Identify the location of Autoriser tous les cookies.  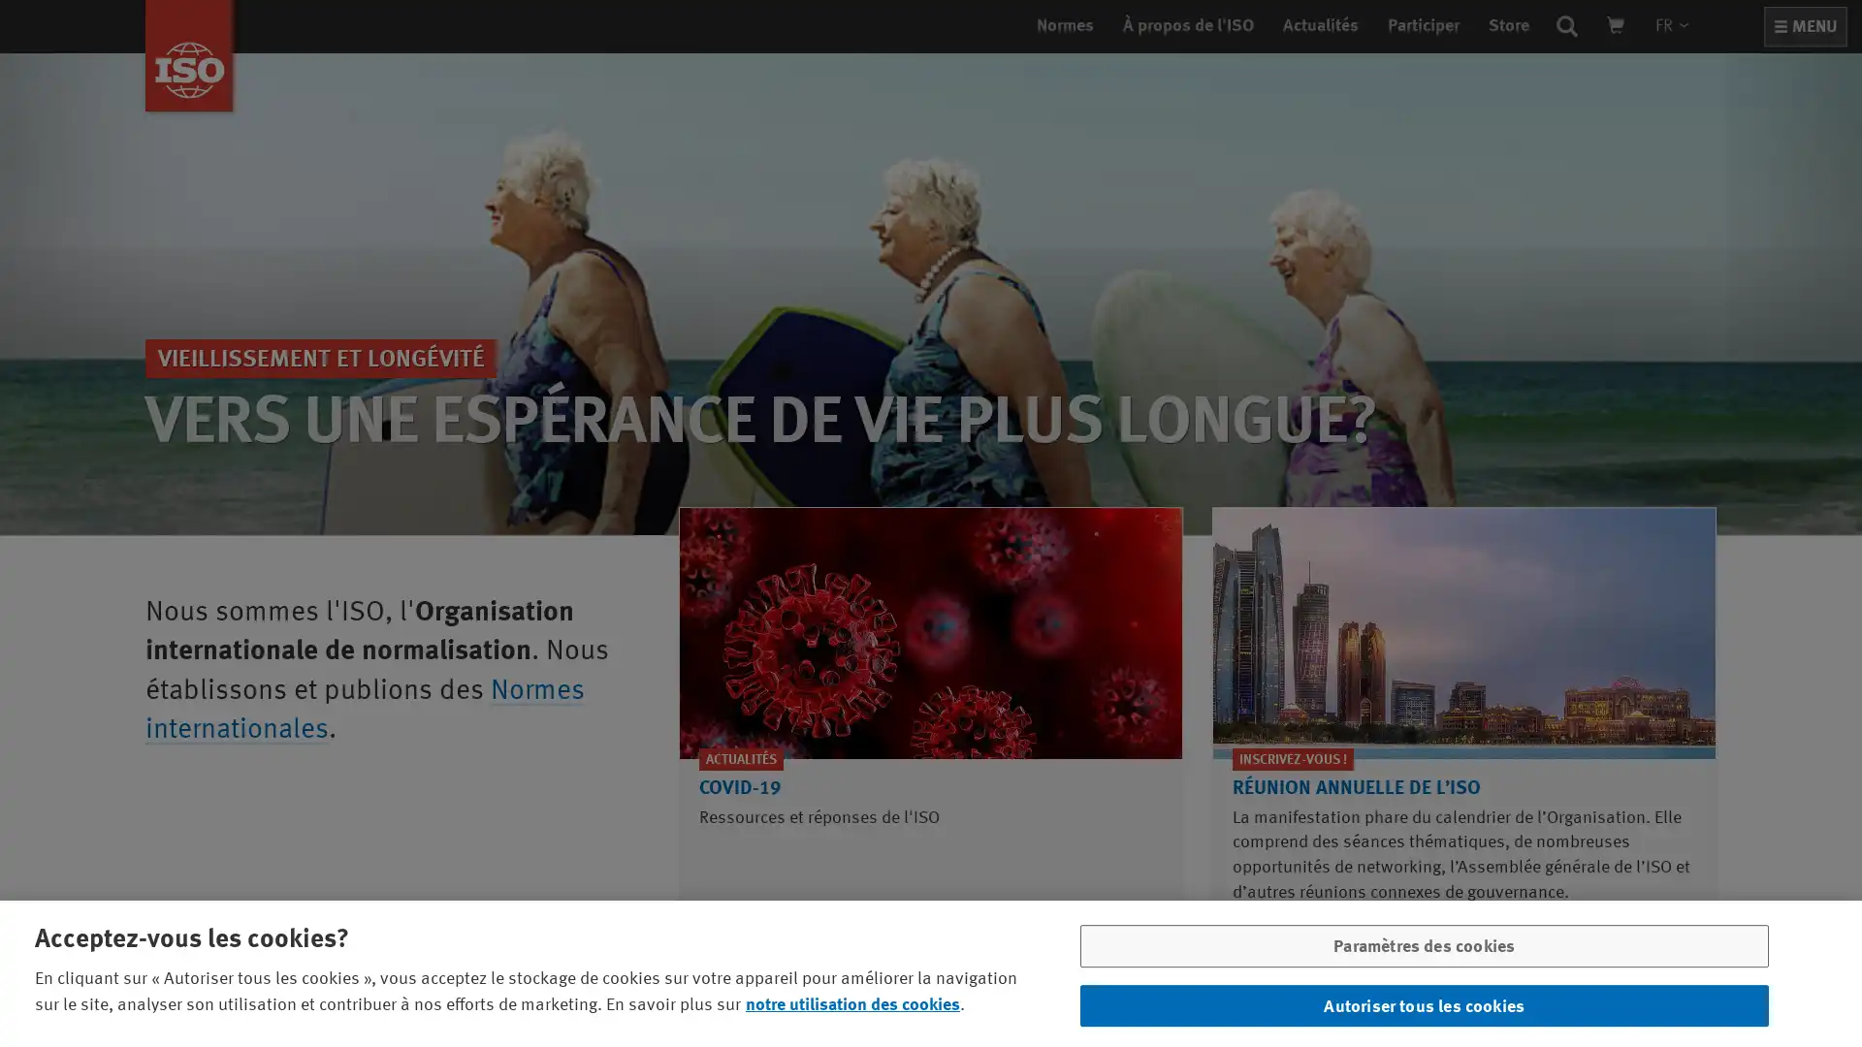
(1424, 1002).